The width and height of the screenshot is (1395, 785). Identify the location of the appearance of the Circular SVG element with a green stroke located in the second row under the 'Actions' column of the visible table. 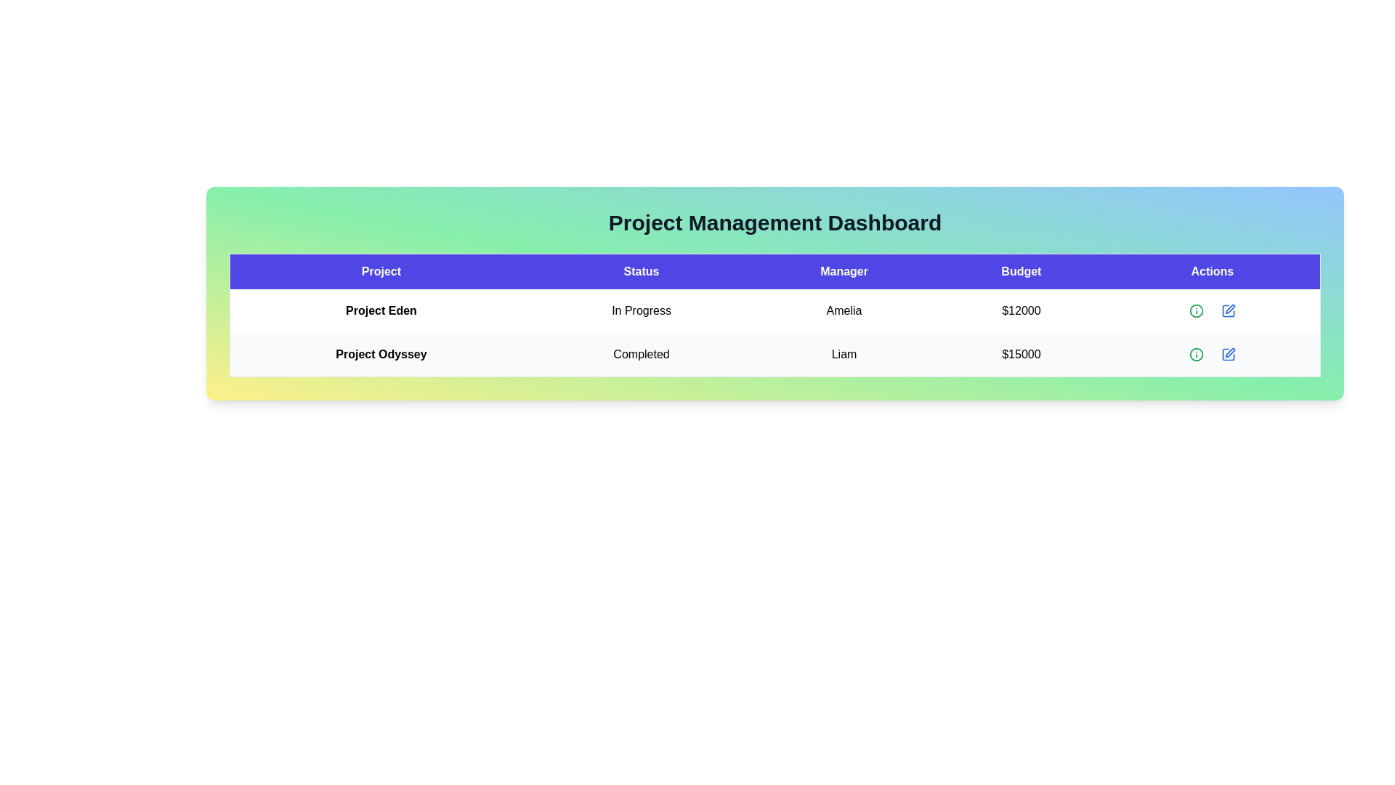
(1196, 355).